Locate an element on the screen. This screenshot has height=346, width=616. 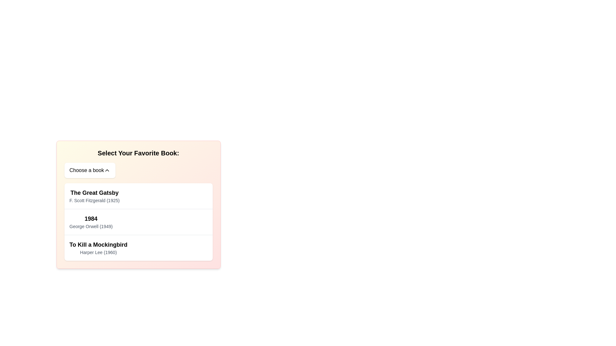
text label that serves as the header for selecting a book, located at the center of the card-like box above the dropdown button labeled 'Choose a book' is located at coordinates (138, 153).